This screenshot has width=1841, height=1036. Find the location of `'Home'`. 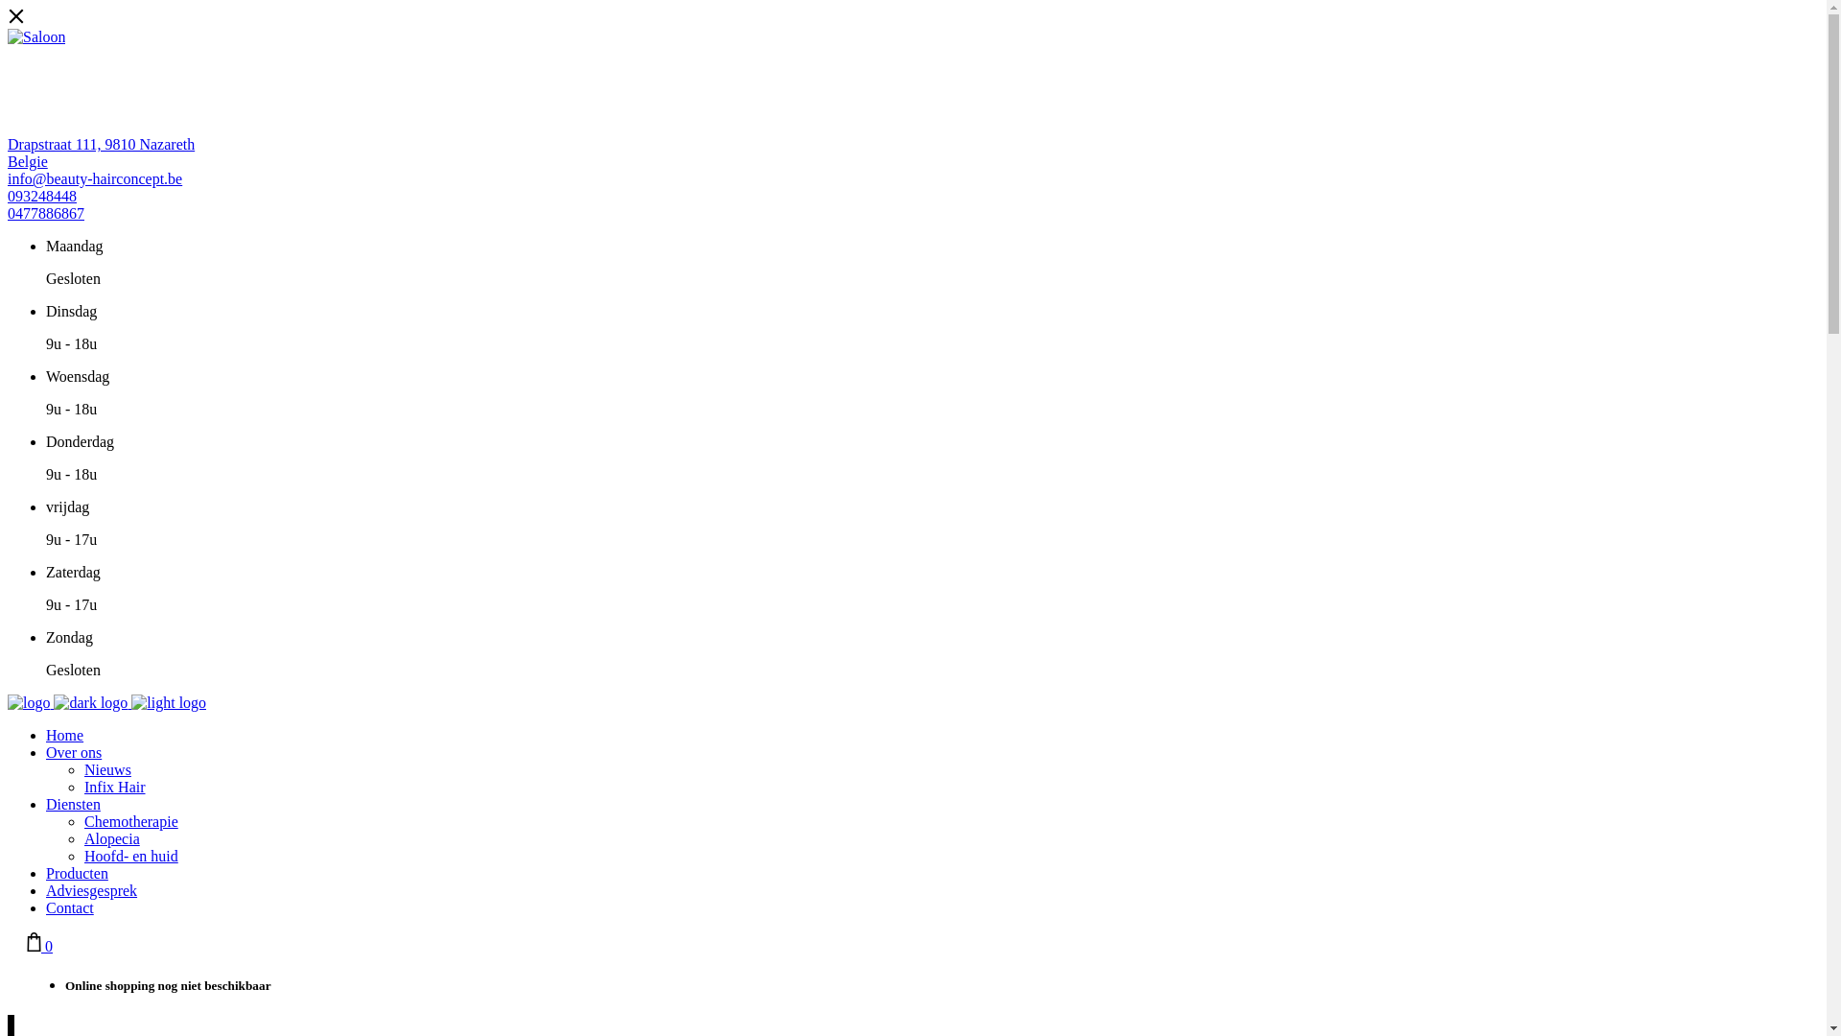

'Home' is located at coordinates (64, 734).